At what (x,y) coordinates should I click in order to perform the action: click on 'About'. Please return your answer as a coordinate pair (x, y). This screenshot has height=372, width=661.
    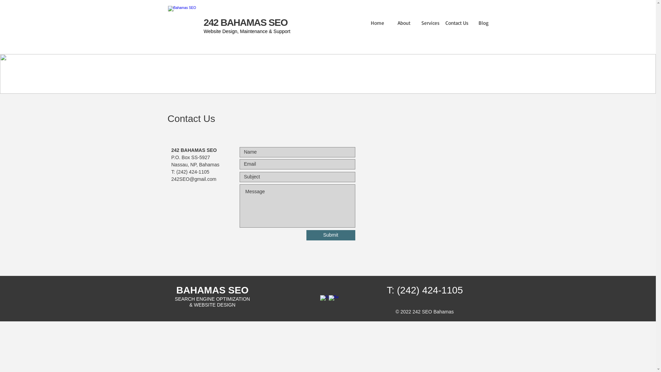
    Looking at the image, I should click on (404, 22).